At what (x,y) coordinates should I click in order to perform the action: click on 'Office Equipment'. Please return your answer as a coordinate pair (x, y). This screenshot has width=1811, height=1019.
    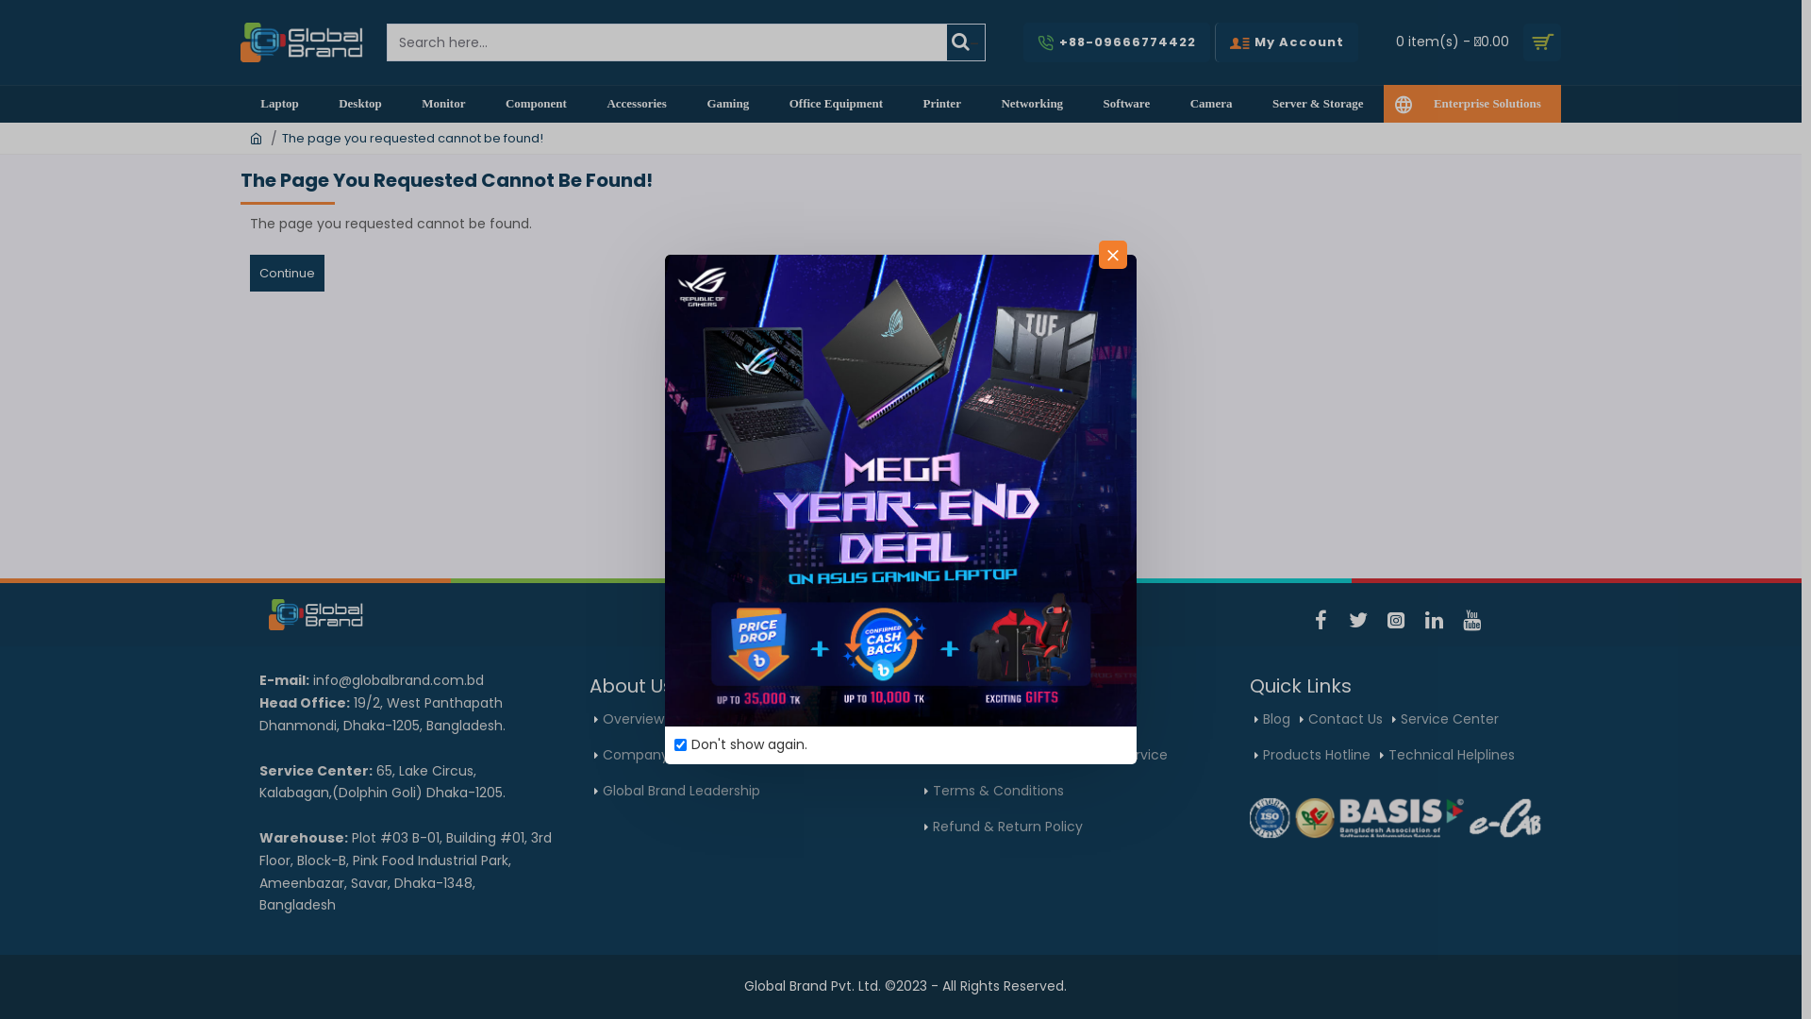
    Looking at the image, I should click on (835, 104).